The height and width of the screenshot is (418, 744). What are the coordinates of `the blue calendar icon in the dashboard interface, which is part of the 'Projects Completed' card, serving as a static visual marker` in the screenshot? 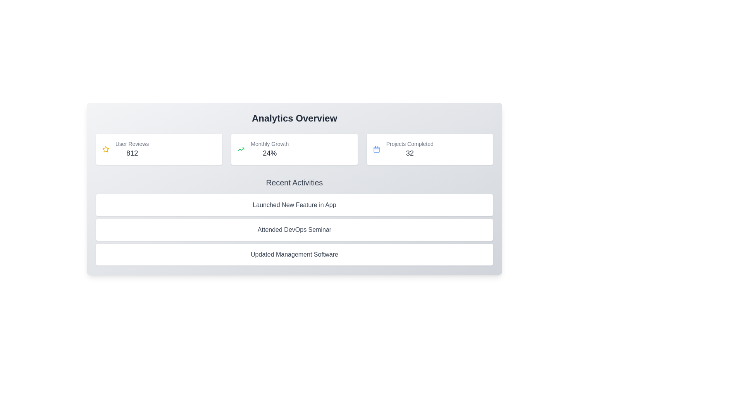 It's located at (376, 149).